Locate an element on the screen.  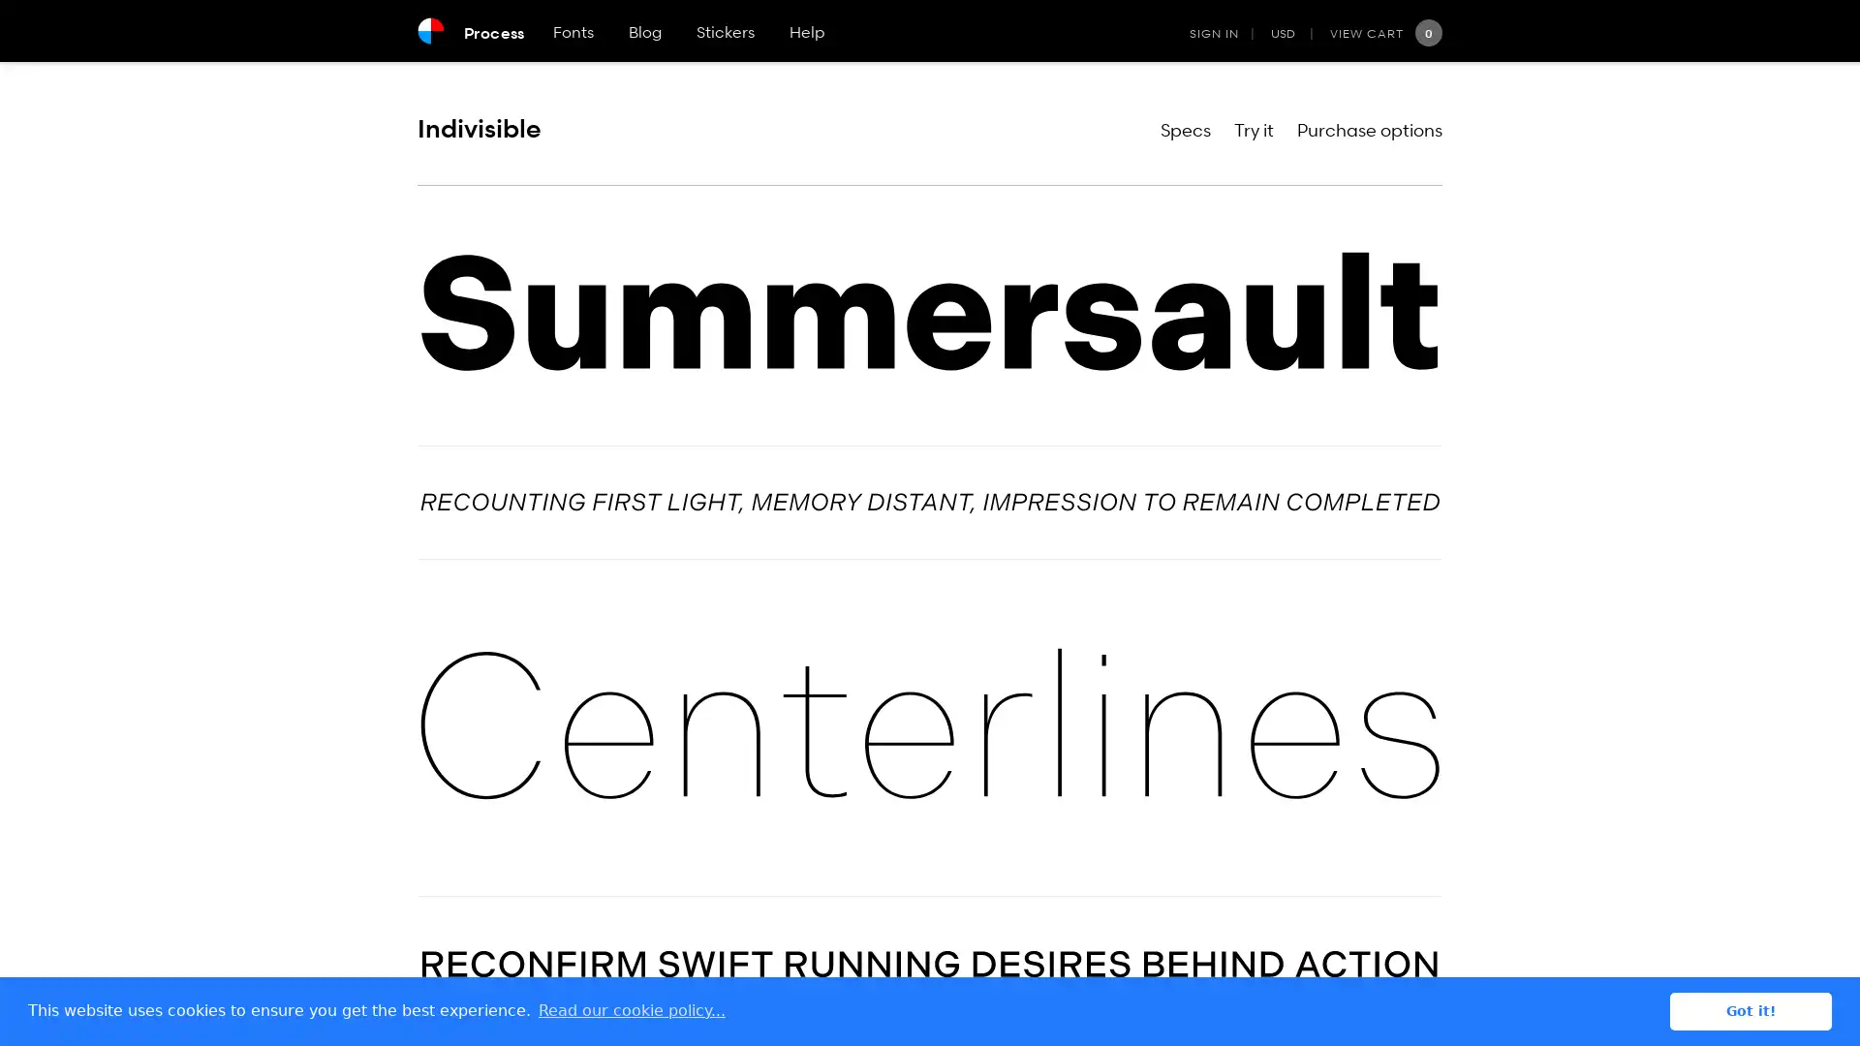
learn more about cookies is located at coordinates (632, 1010).